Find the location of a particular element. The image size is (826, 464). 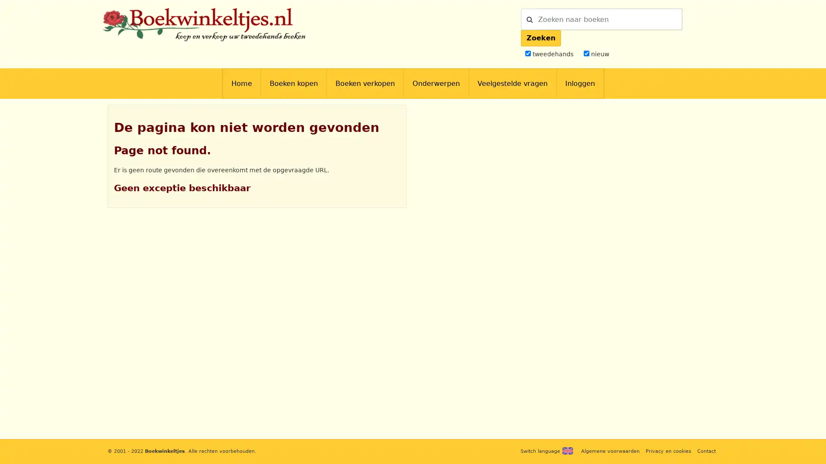

Zoeken is located at coordinates (540, 37).